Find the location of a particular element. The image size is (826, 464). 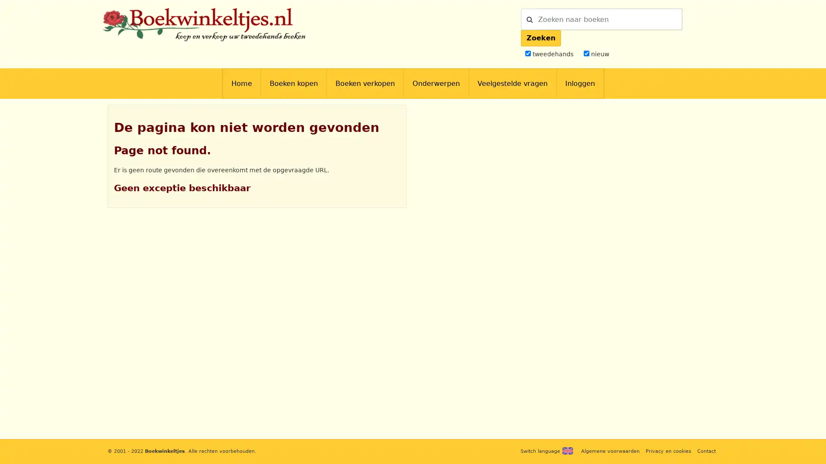

Zoeken is located at coordinates (540, 37).